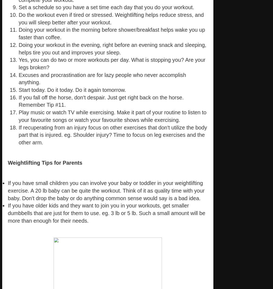 Image resolution: width=273 pixels, height=289 pixels. What do you see at coordinates (106, 7) in the screenshot?
I see `'Set a schedule so you have a set time each day that you do your workout.'` at bounding box center [106, 7].